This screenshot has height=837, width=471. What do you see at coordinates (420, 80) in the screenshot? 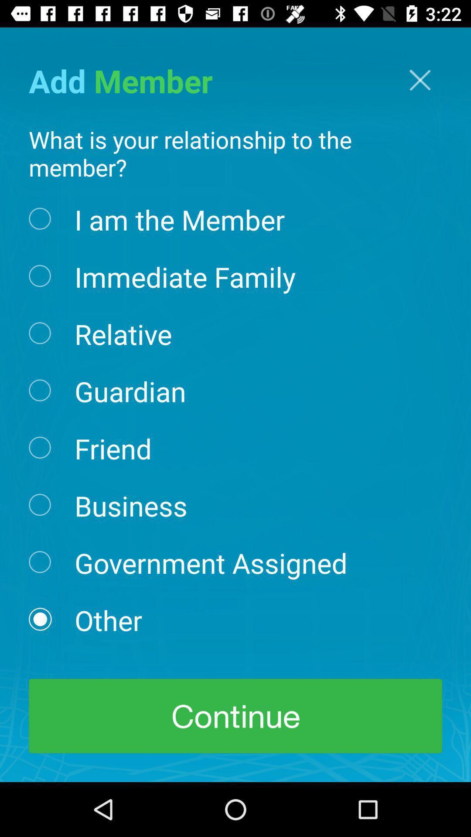
I see `the icon at the top right corner` at bounding box center [420, 80].